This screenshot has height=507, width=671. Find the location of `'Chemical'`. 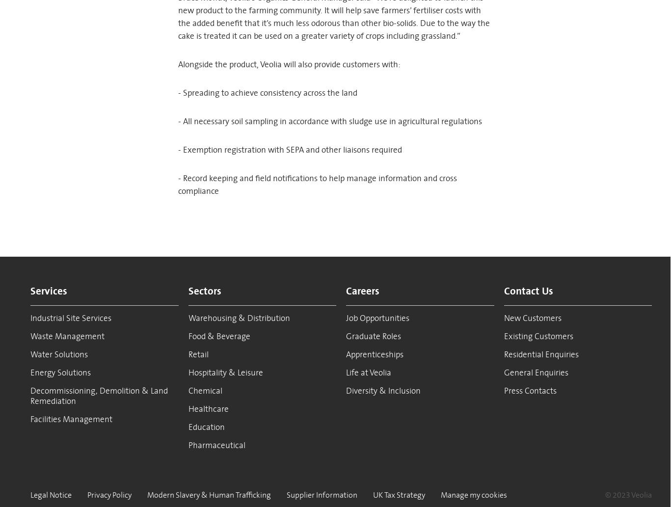

'Chemical' is located at coordinates (204, 391).